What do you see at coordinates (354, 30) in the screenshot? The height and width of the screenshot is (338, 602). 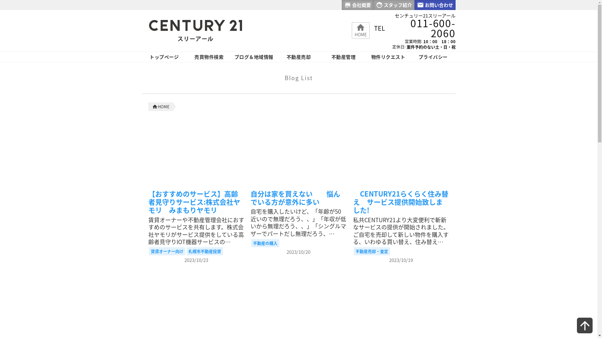 I see `'HOME'` at bounding box center [354, 30].